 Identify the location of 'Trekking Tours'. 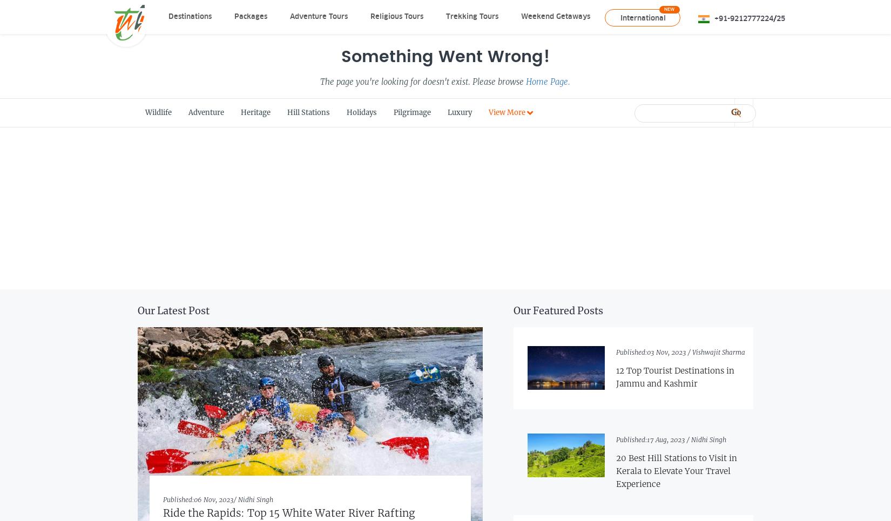
(471, 16).